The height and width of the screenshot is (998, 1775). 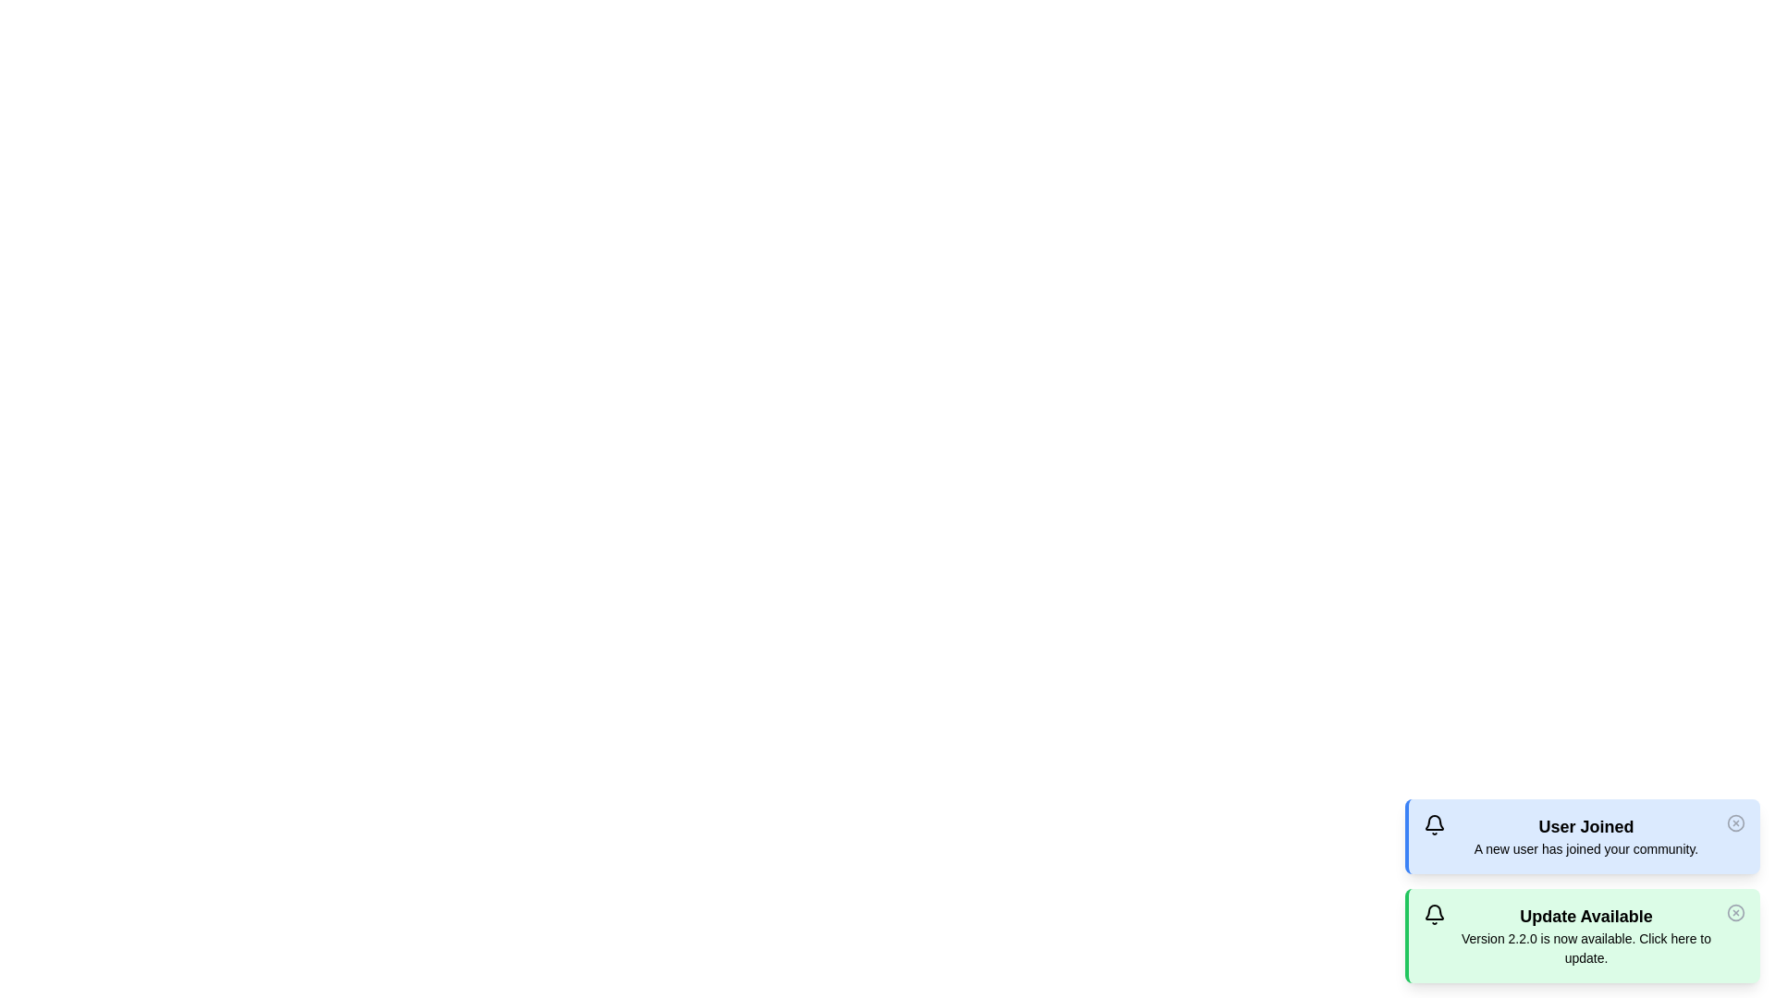 I want to click on the close button of the notification to dismiss it, so click(x=1734, y=822).